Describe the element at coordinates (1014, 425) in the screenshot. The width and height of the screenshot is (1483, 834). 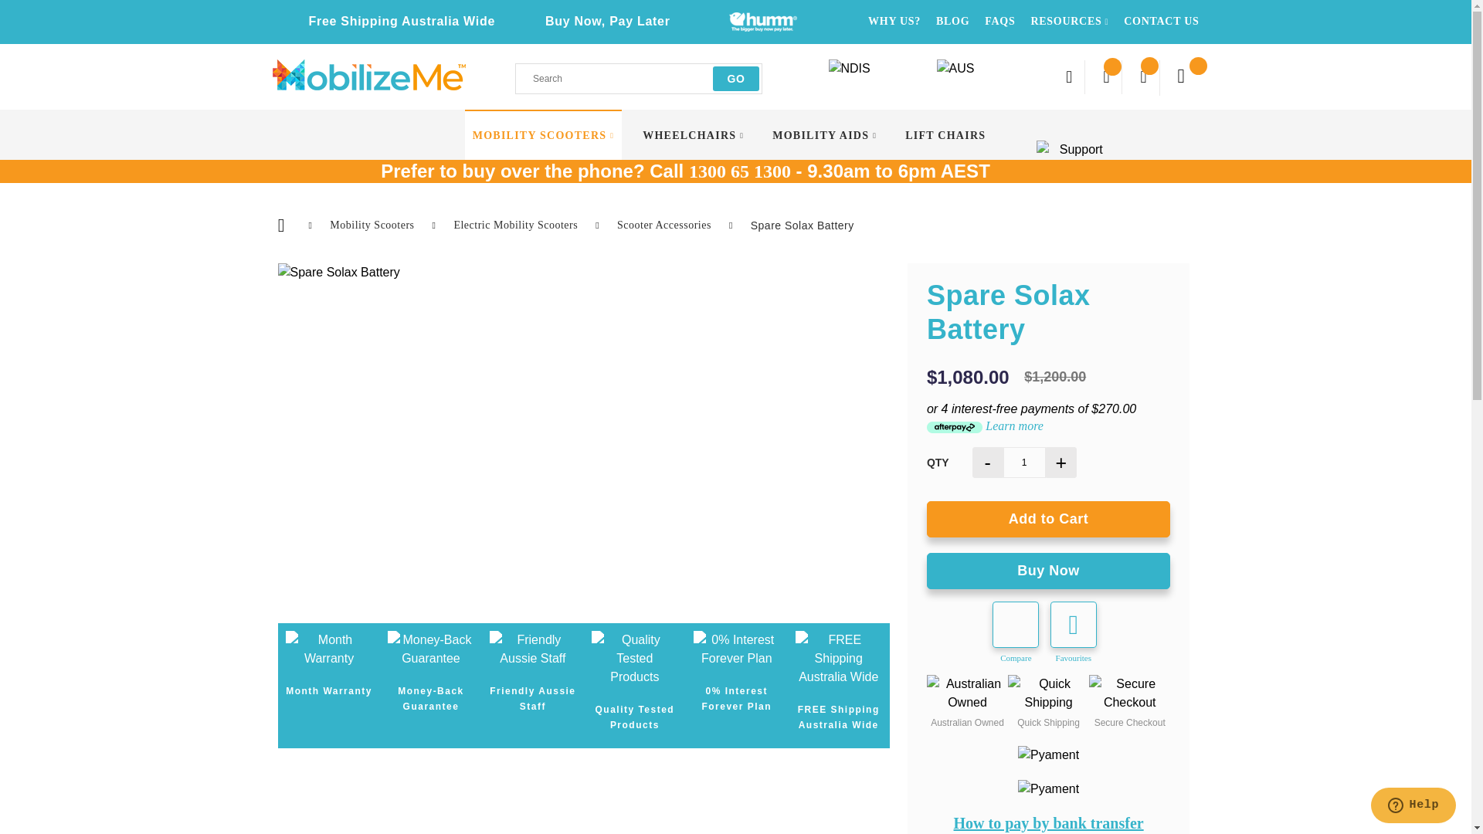
I see `'Learn more'` at that location.